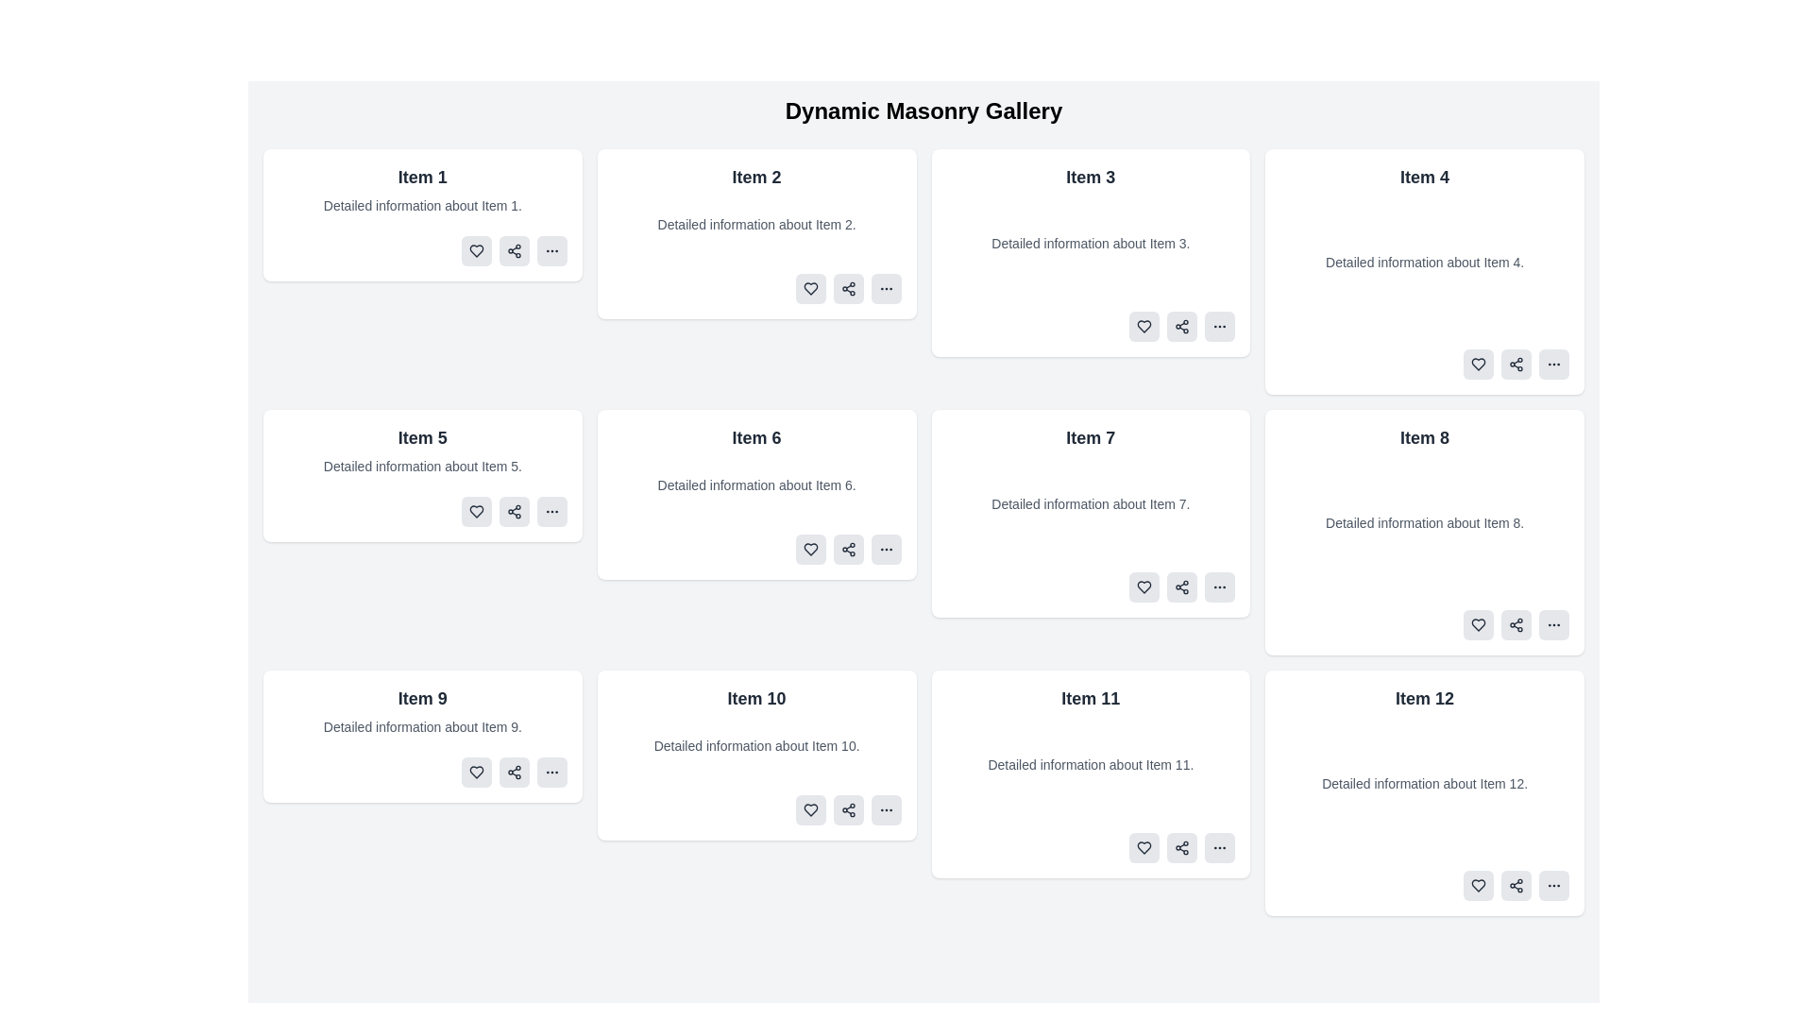  Describe the element at coordinates (1554, 364) in the screenshot. I see `the button located at the far-right of the action button group under the 'Item 4' card` at that location.